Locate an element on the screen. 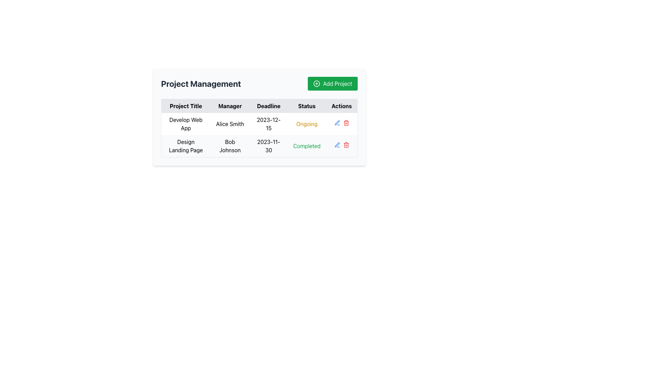  the text label reading 'Design Landing Page' located in the second row of the 'Project Title' column is located at coordinates (186, 146).